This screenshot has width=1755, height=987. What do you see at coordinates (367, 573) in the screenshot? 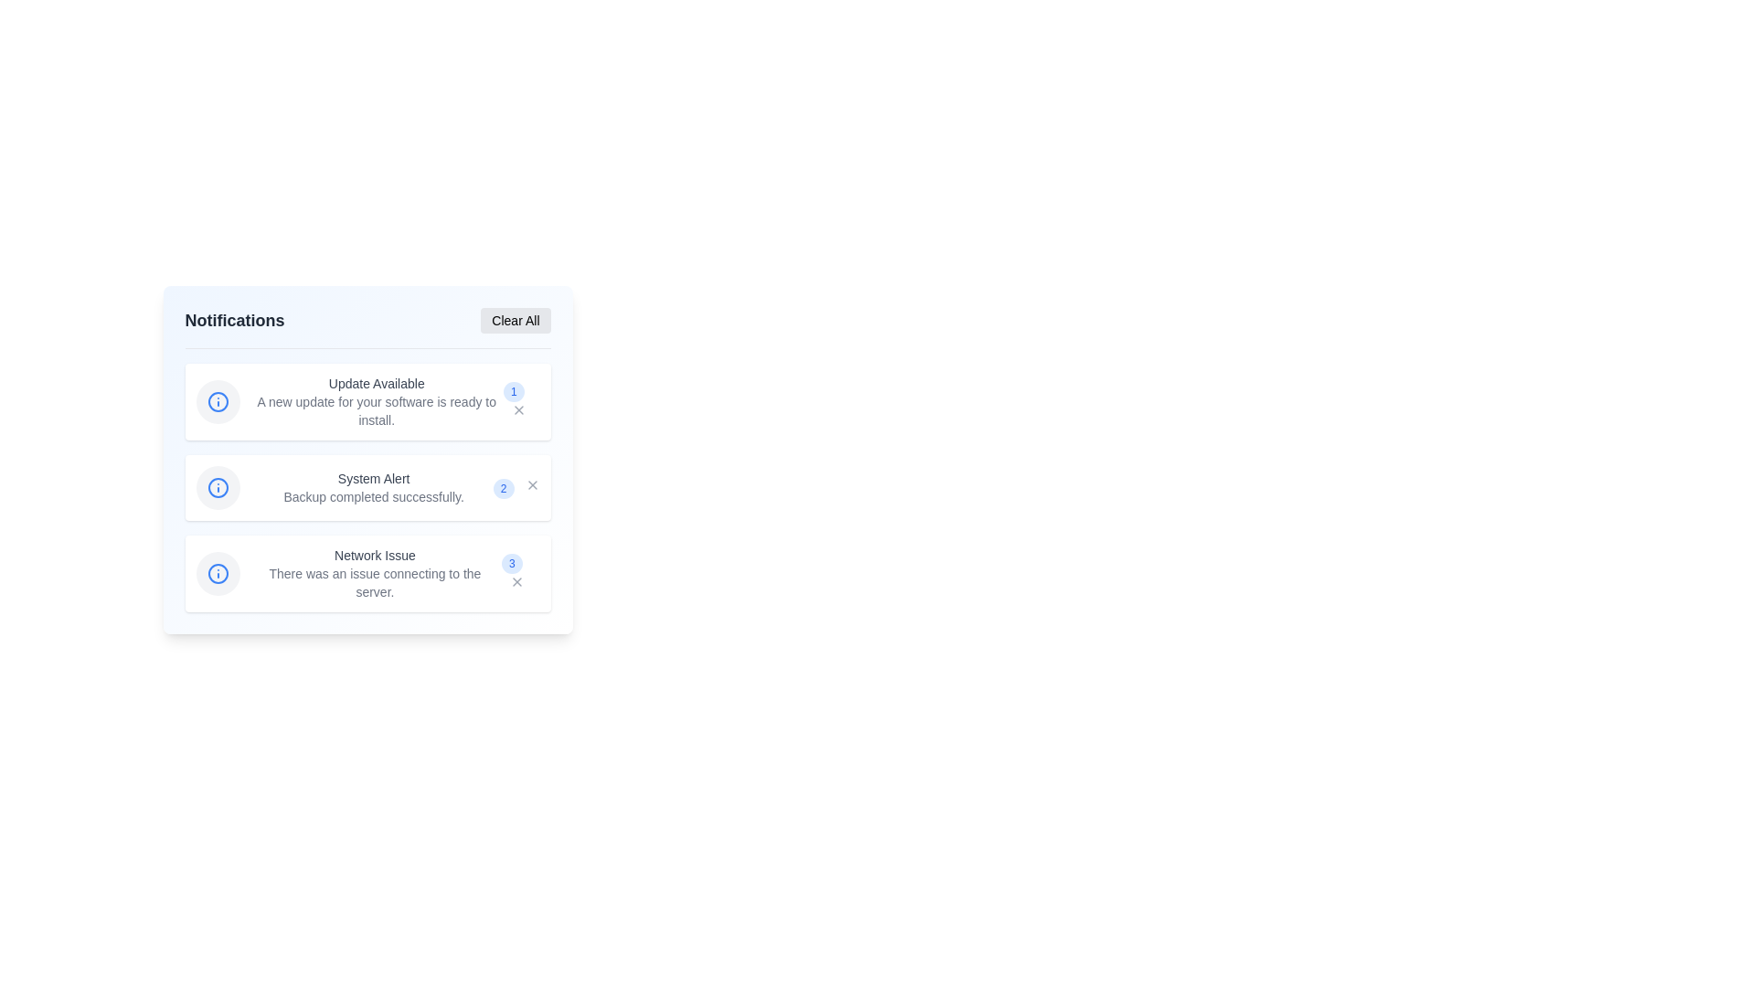
I see `the third notification card in the notification panel that provides information about a network issue, located directly below the 'System Alert' card` at bounding box center [367, 573].